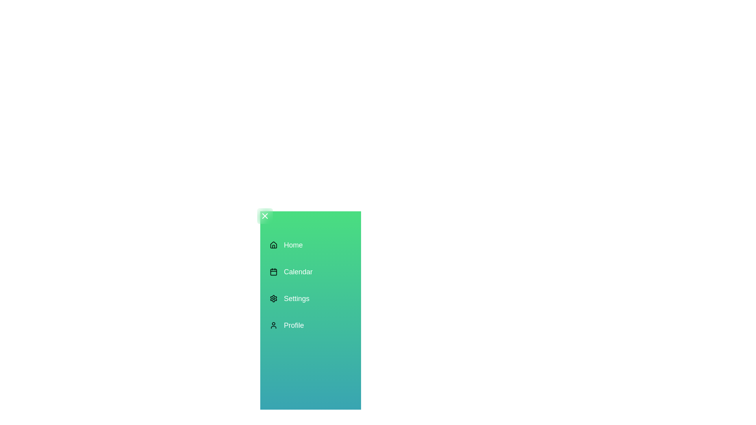  I want to click on the presence of the calendar icon, which is a minimalist design with a black outlined rectangle and binders on top, positioned leftmost in the vertical navigation panel between 'Home' and 'Settings', so click(274, 271).